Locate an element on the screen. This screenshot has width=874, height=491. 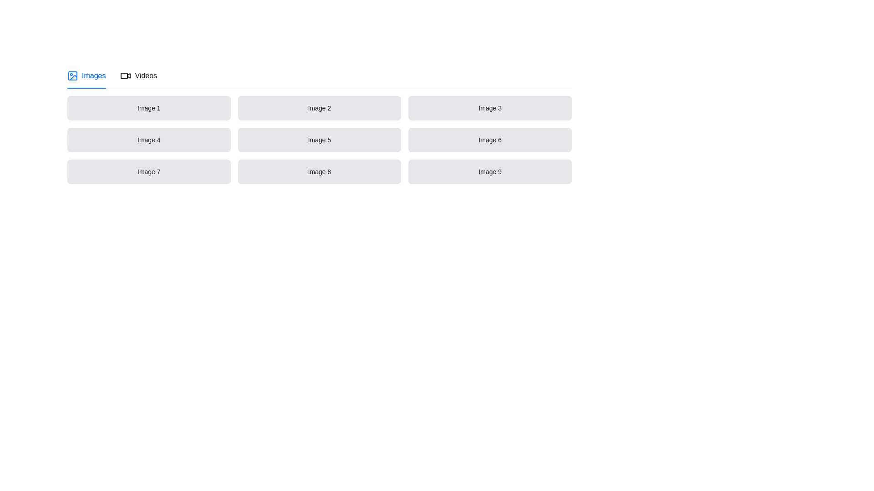
the 'more options' ellipsis icon located in the tab navigation area is located at coordinates (78, 70).